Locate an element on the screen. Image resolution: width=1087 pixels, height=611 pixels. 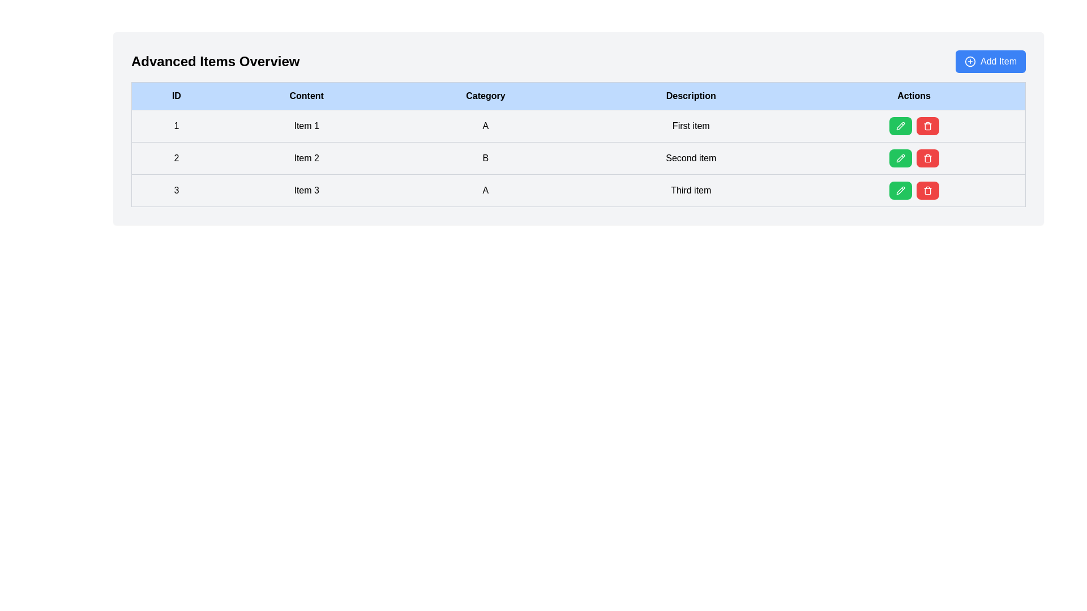
the Data cell displaying 'Item 3' located in the third row and second column of the table is located at coordinates (306, 190).